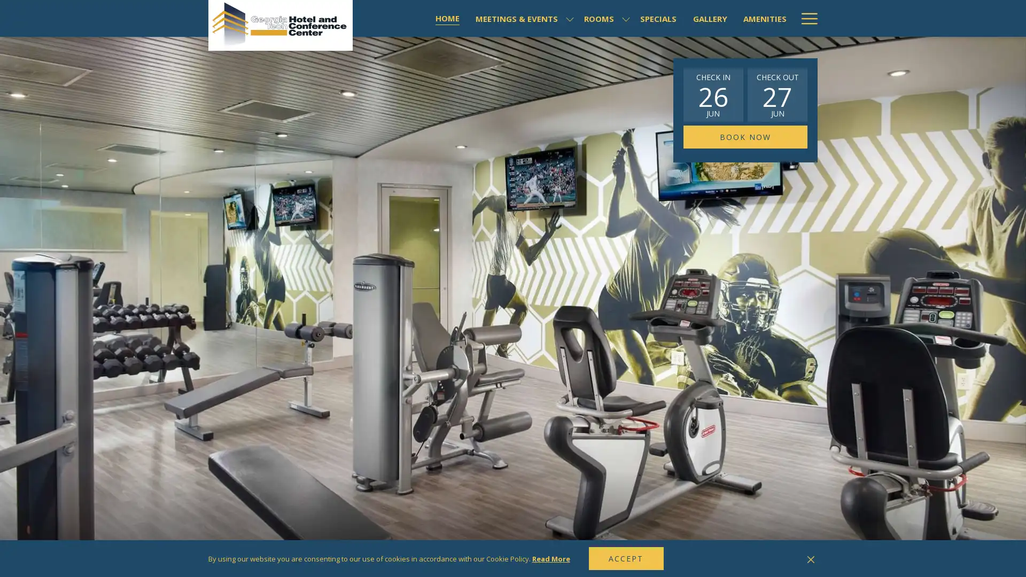  What do you see at coordinates (812, 559) in the screenshot?
I see `Go to next slideshow element` at bounding box center [812, 559].